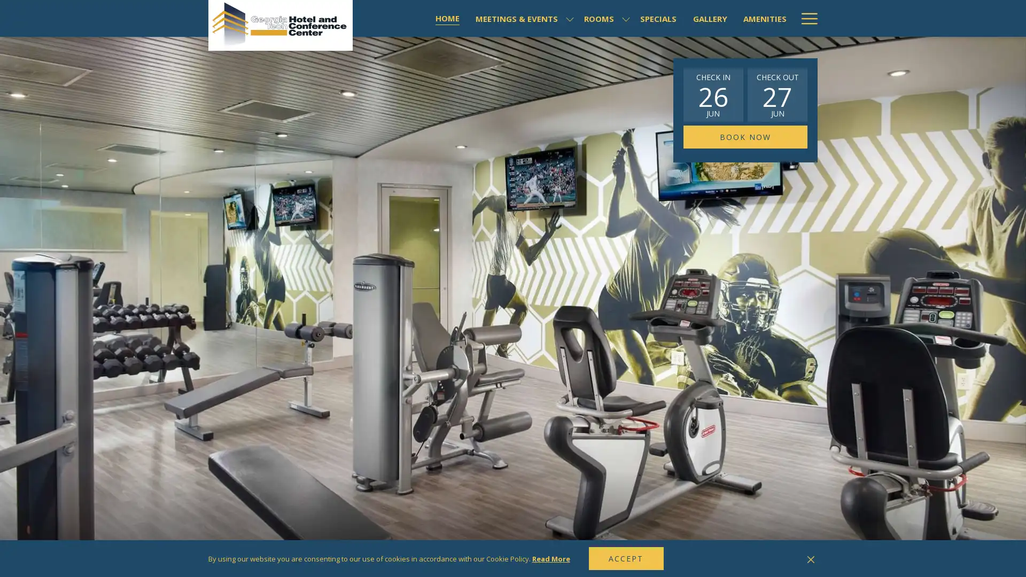  What do you see at coordinates (812, 559) in the screenshot?
I see `Go to next slideshow element` at bounding box center [812, 559].